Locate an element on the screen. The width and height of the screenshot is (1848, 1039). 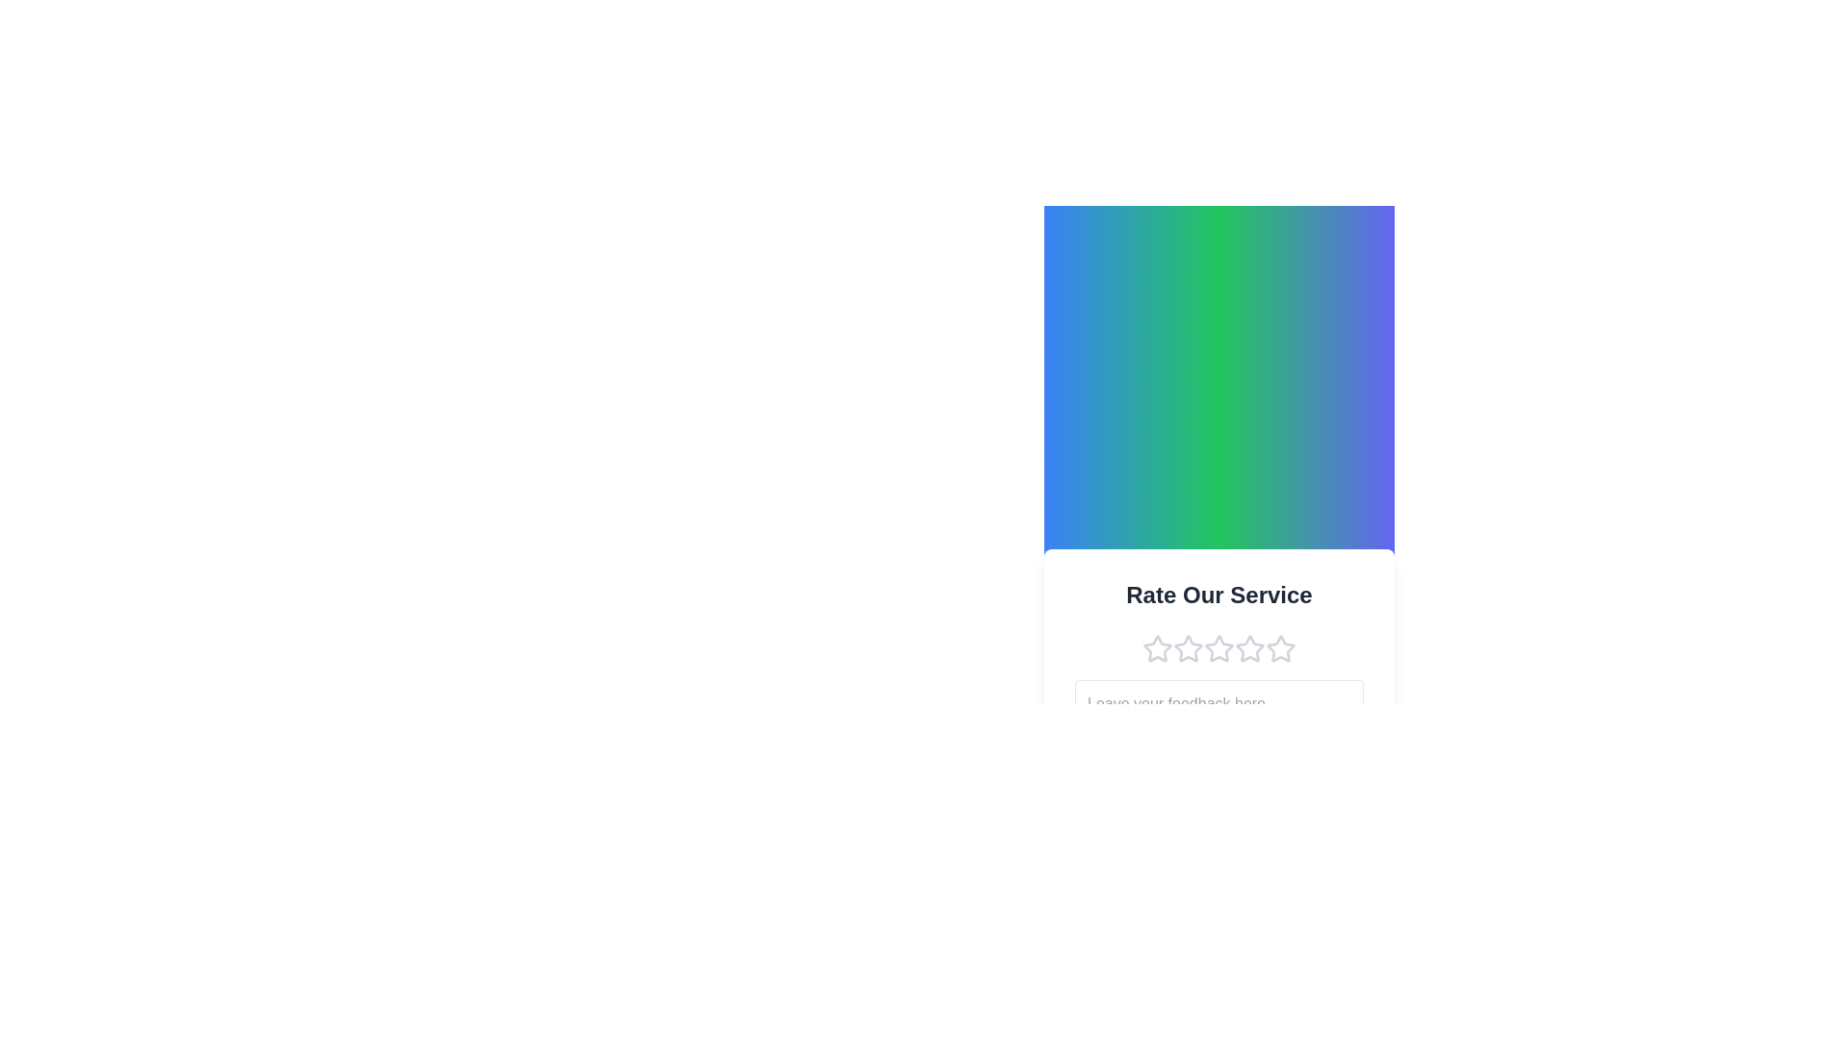
the last star icon in the rating row to indicate the maximum rating level beneath the 'Rate Our Service' text is located at coordinates (1280, 648).